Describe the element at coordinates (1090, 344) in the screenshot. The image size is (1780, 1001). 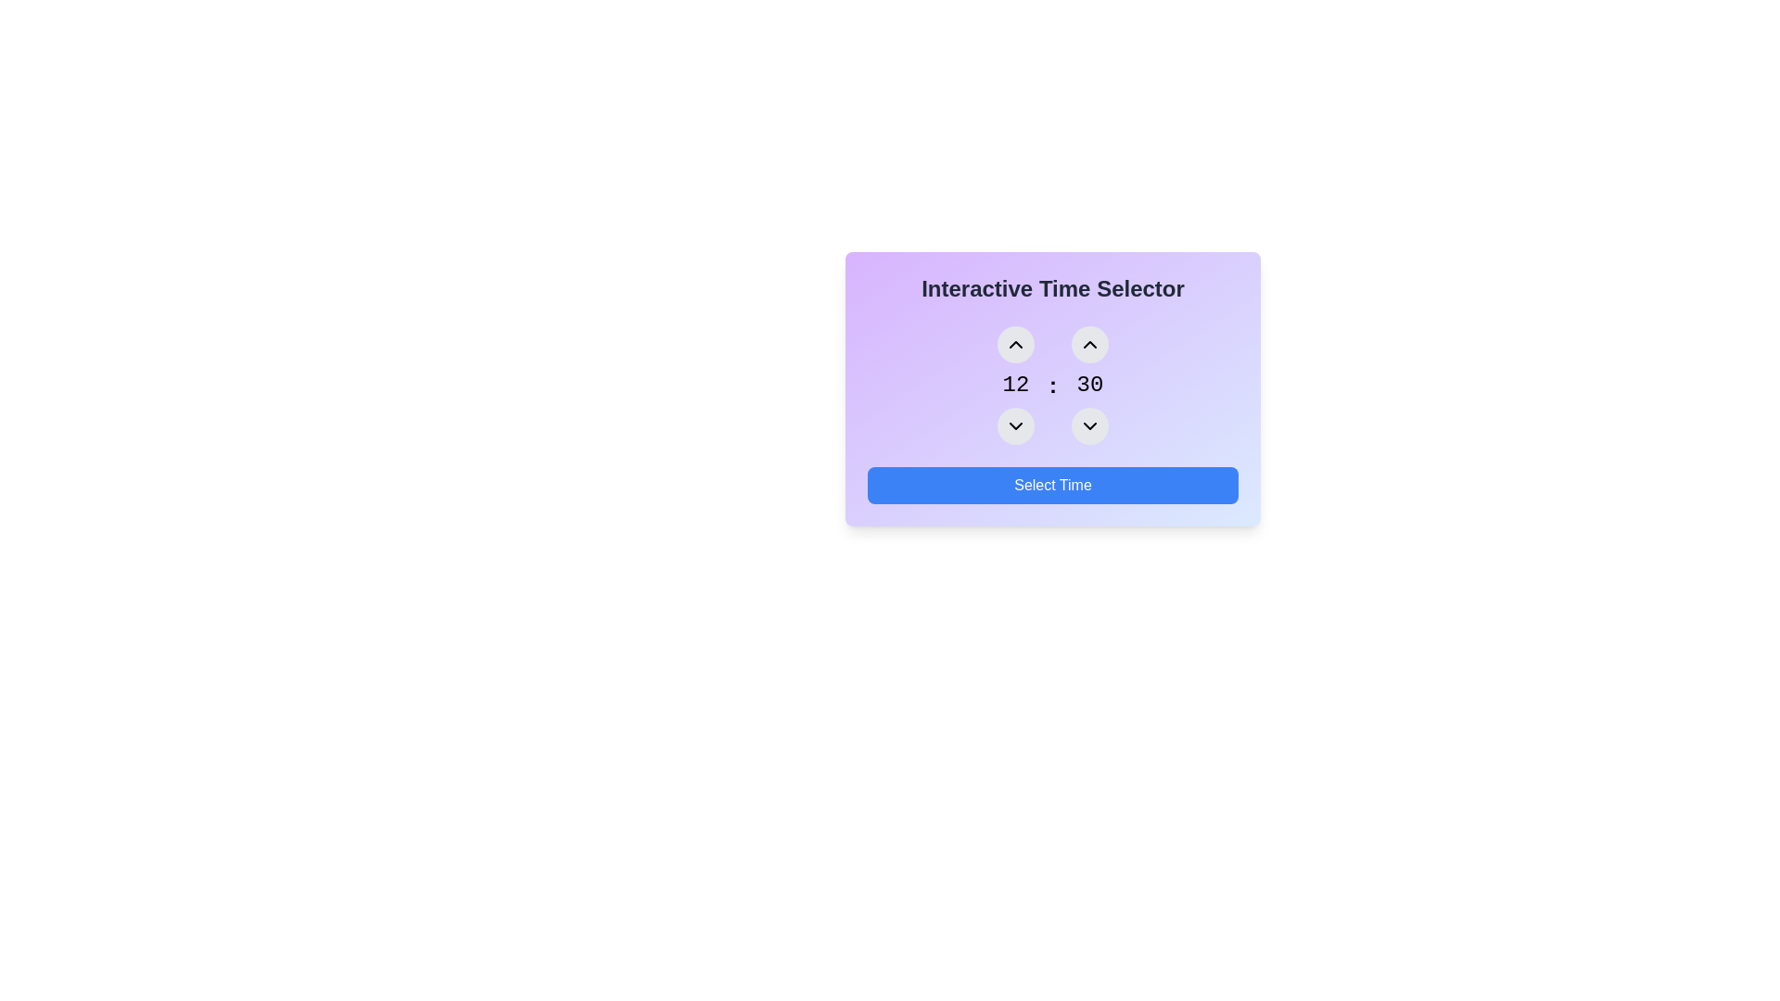
I see `the circular button with a light gray background and a black upward-pointing chevron icon to trigger the hover effect` at that location.